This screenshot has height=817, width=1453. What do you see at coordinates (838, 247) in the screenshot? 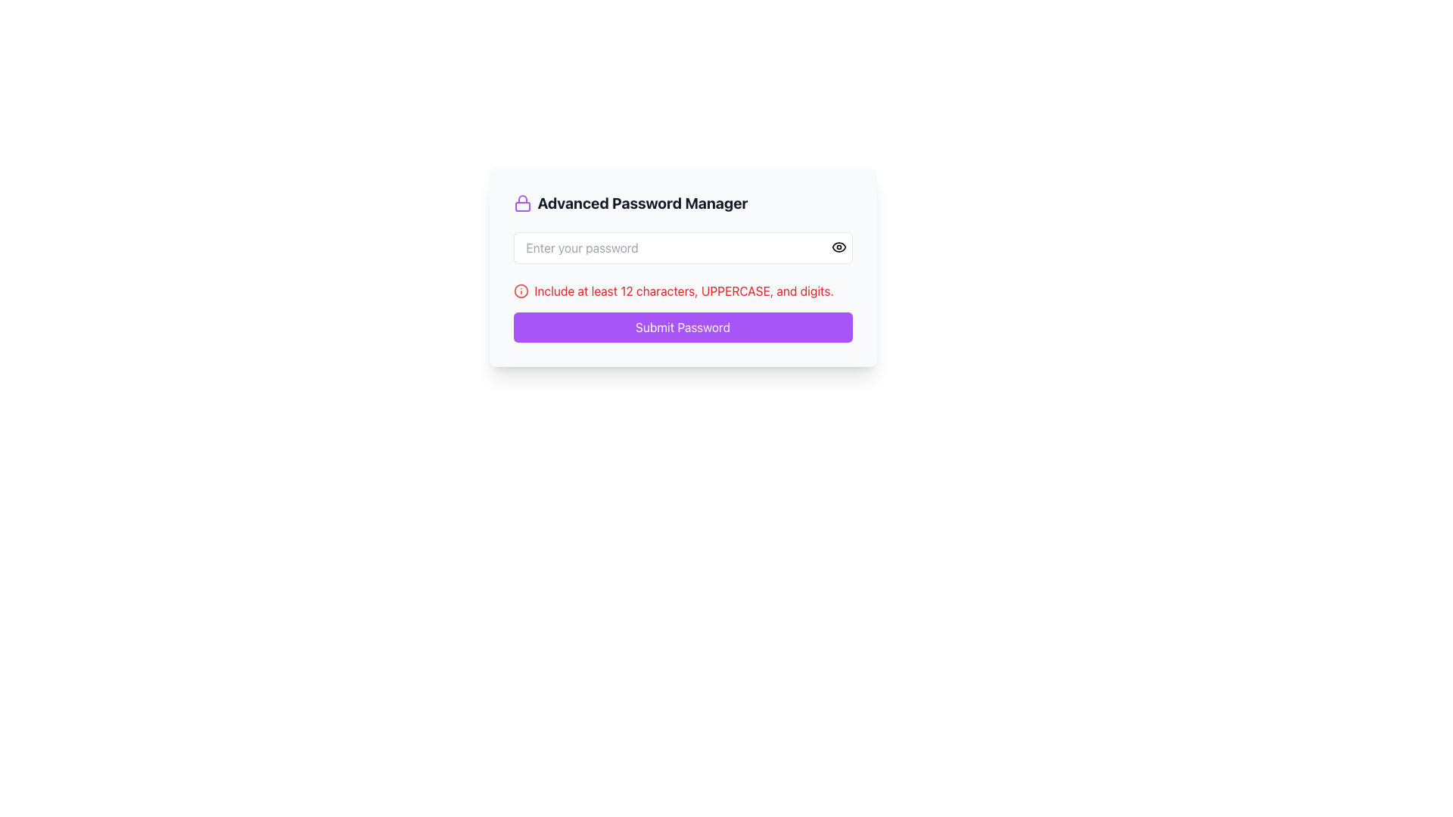
I see `the eye-shaped icon outline button located at the top-right corner of the password input field` at bounding box center [838, 247].